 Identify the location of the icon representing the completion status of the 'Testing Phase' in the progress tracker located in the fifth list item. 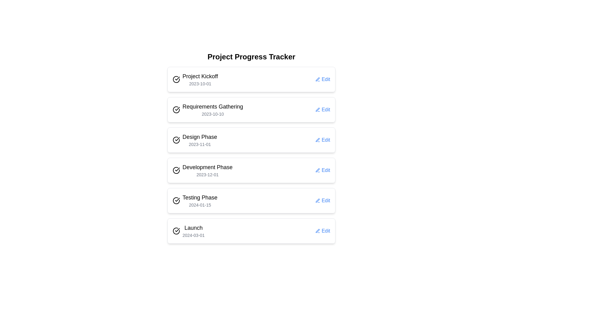
(176, 200).